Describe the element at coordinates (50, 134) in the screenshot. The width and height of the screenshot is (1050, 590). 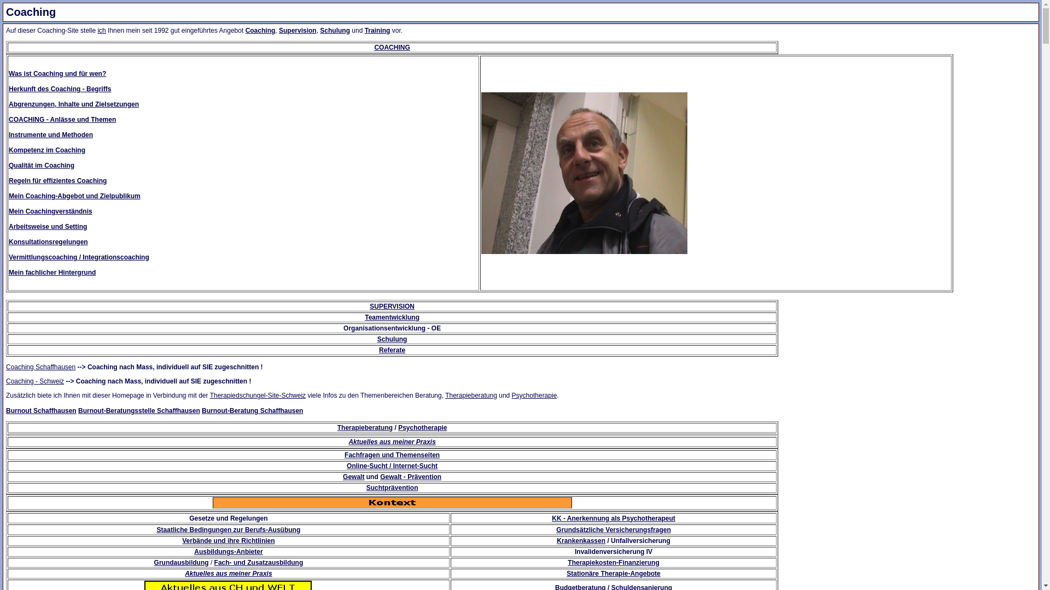
I see `'Instrumente und Methoden'` at that location.